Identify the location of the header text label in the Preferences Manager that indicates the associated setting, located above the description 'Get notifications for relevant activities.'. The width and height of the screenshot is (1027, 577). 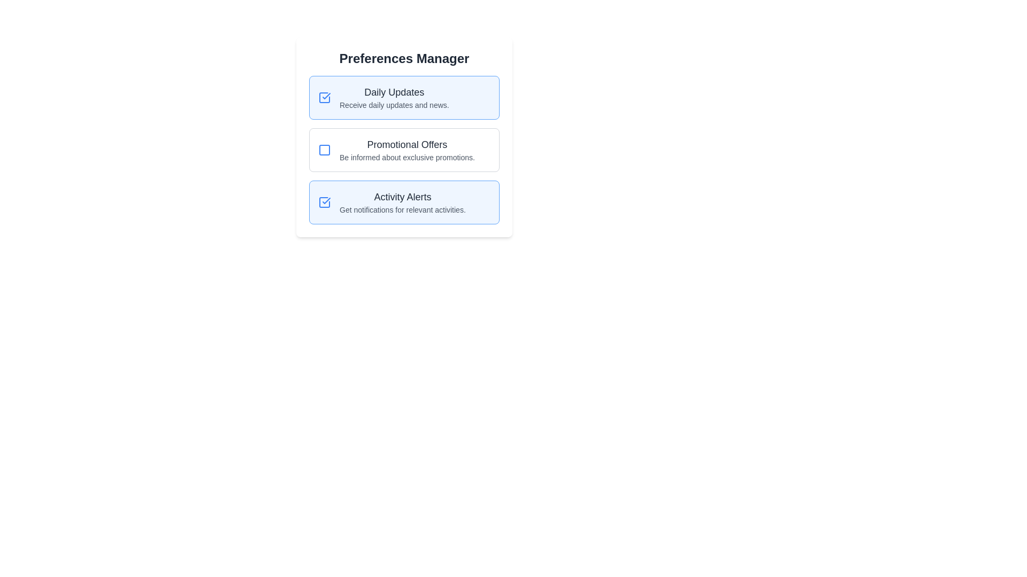
(402, 197).